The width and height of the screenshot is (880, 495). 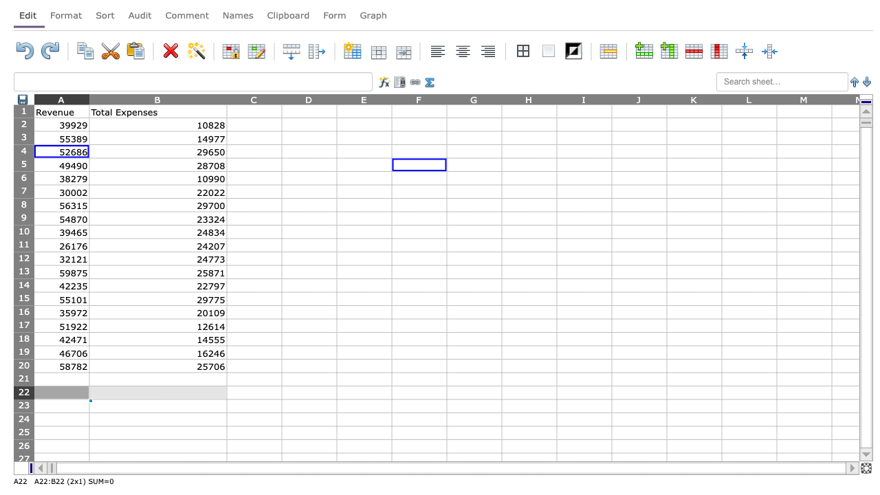 What do you see at coordinates (23, 405) in the screenshot?
I see `row 23` at bounding box center [23, 405].